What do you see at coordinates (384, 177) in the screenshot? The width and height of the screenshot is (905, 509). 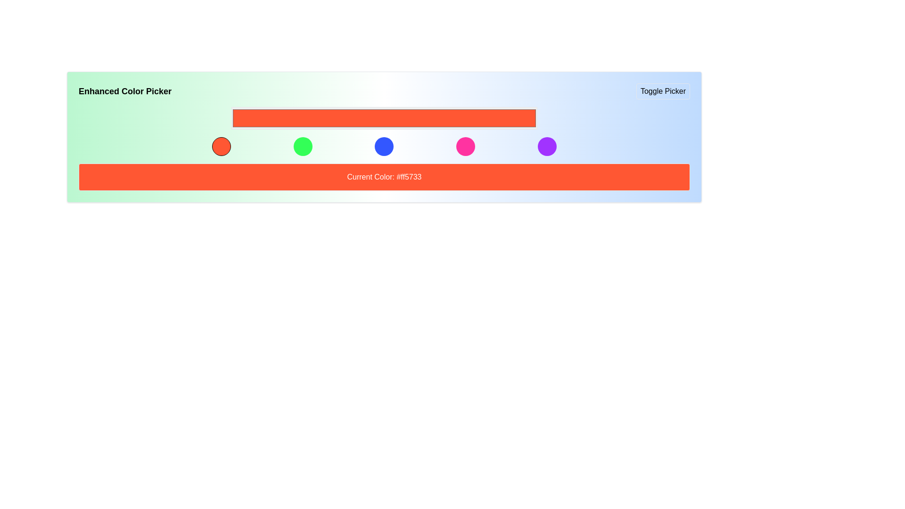 I see `the Label that displays the currently selected color, which shows the color code '#ff5733' and has a background color indicating the active selection` at bounding box center [384, 177].